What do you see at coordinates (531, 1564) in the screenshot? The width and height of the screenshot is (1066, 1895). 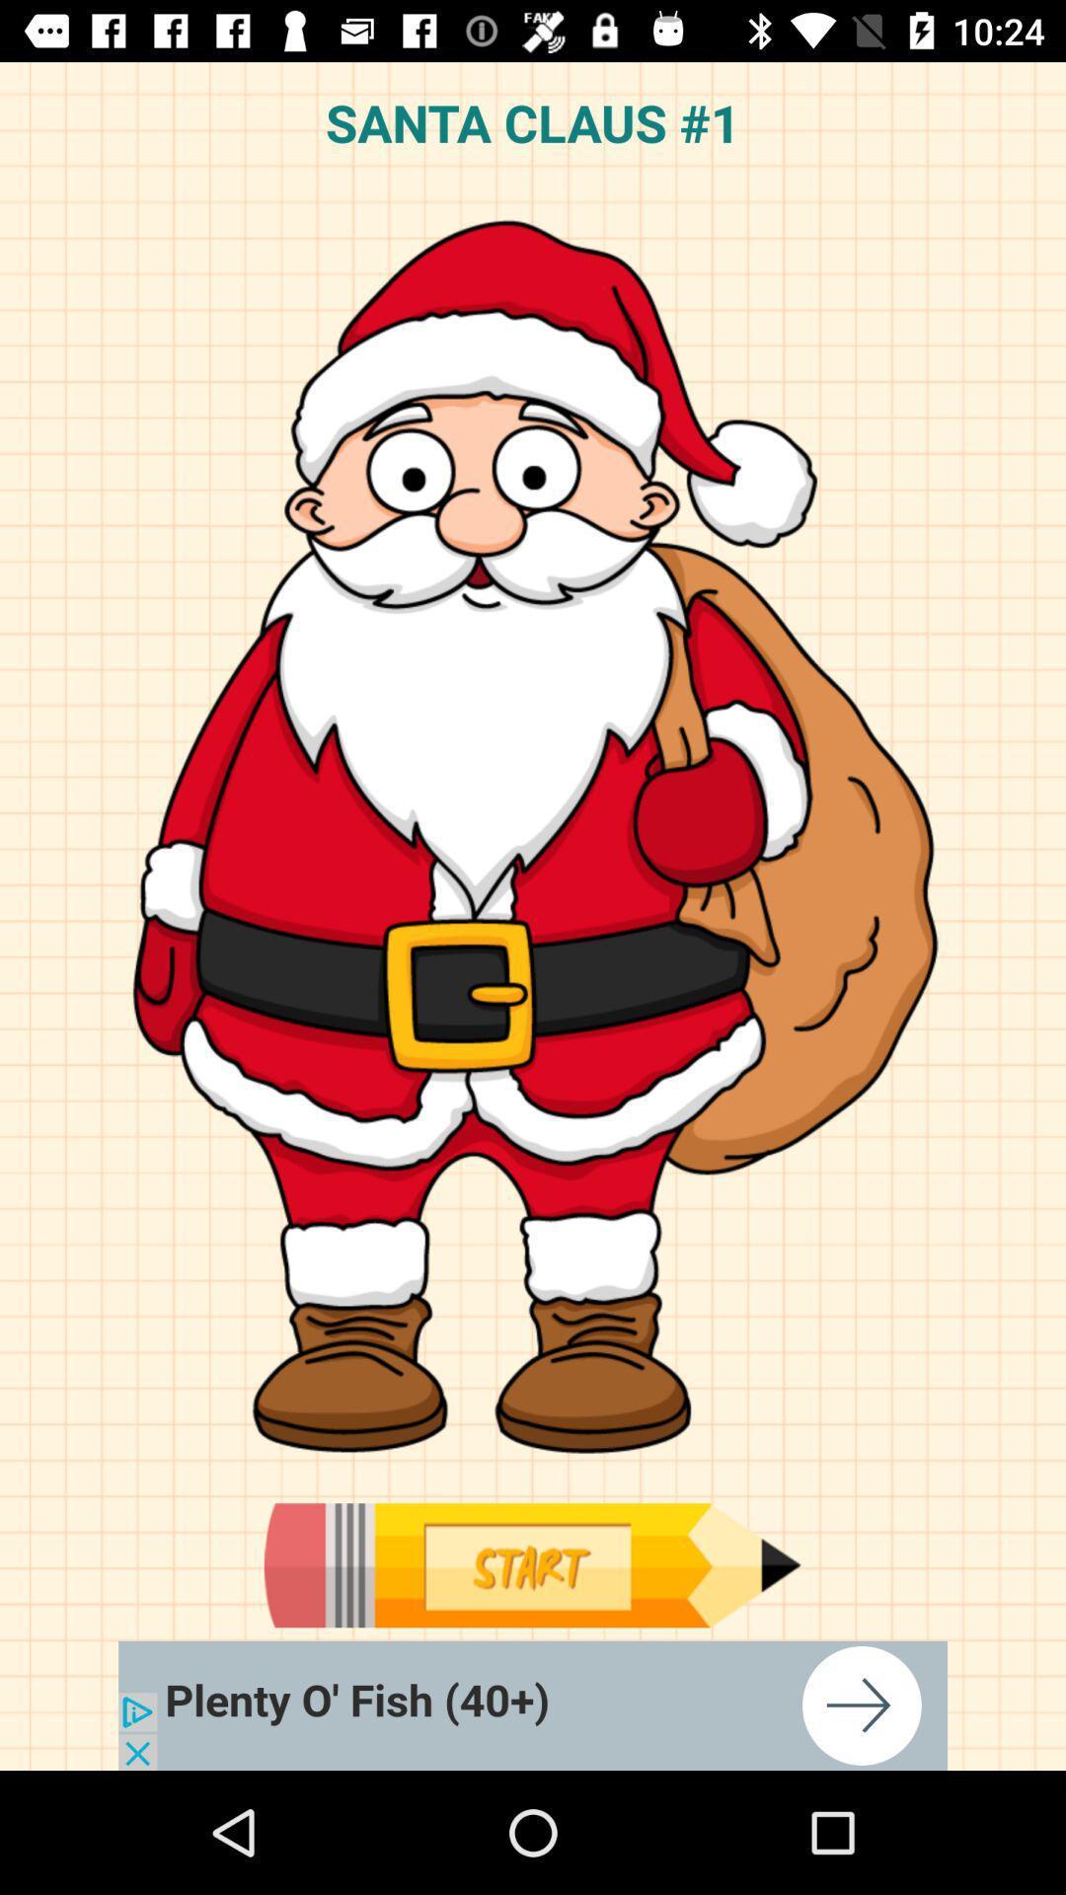 I see `start game button` at bounding box center [531, 1564].